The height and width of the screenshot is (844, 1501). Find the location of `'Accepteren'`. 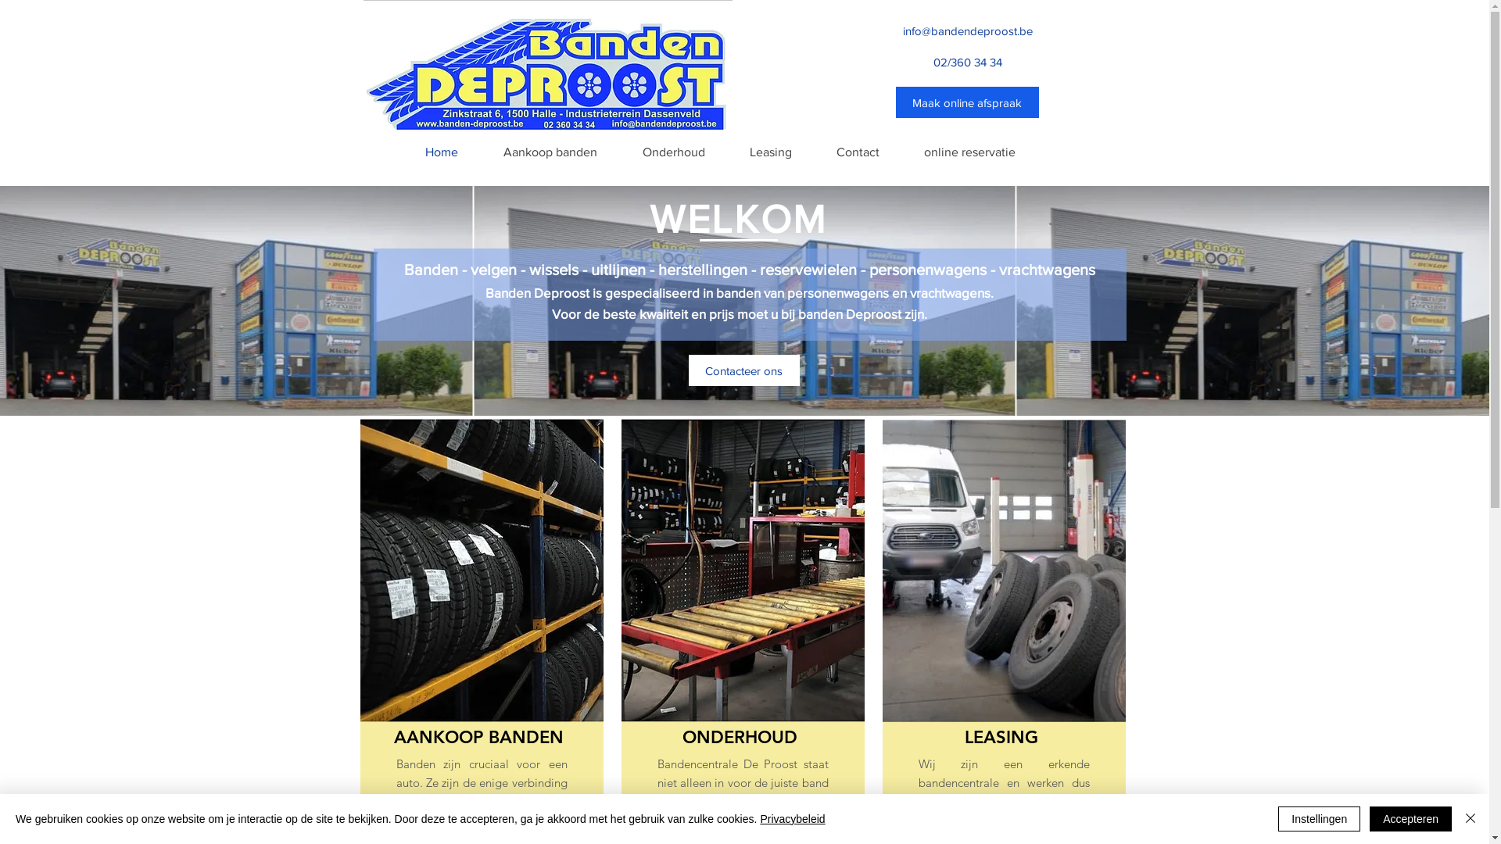

'Accepteren' is located at coordinates (1369, 818).